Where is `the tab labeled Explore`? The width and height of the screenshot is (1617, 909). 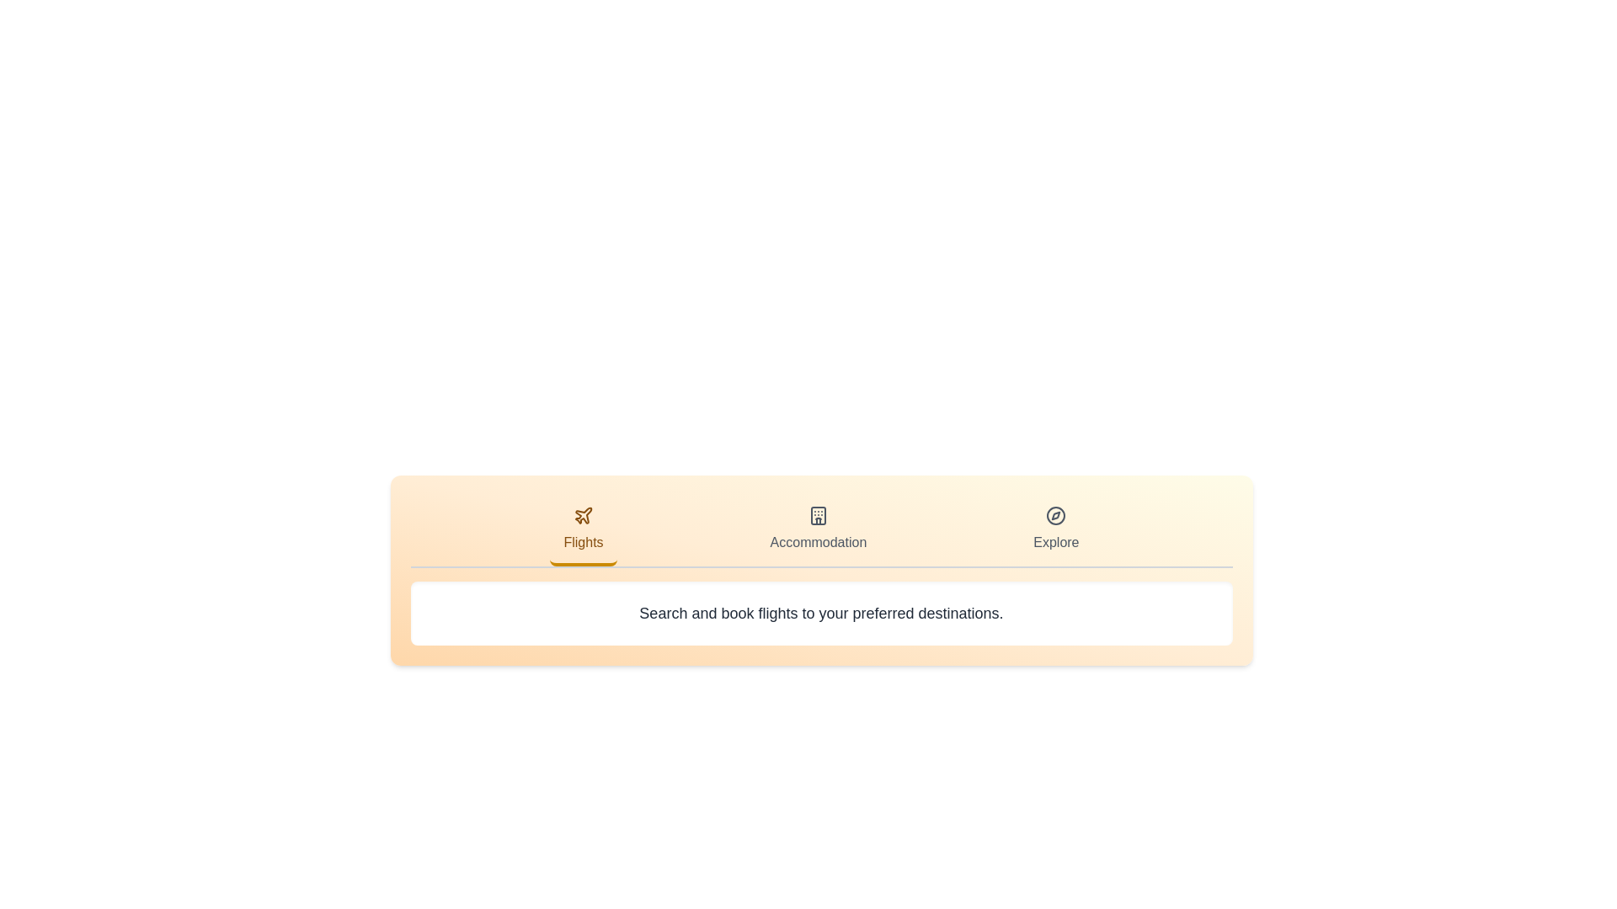 the tab labeled Explore is located at coordinates (1054, 531).